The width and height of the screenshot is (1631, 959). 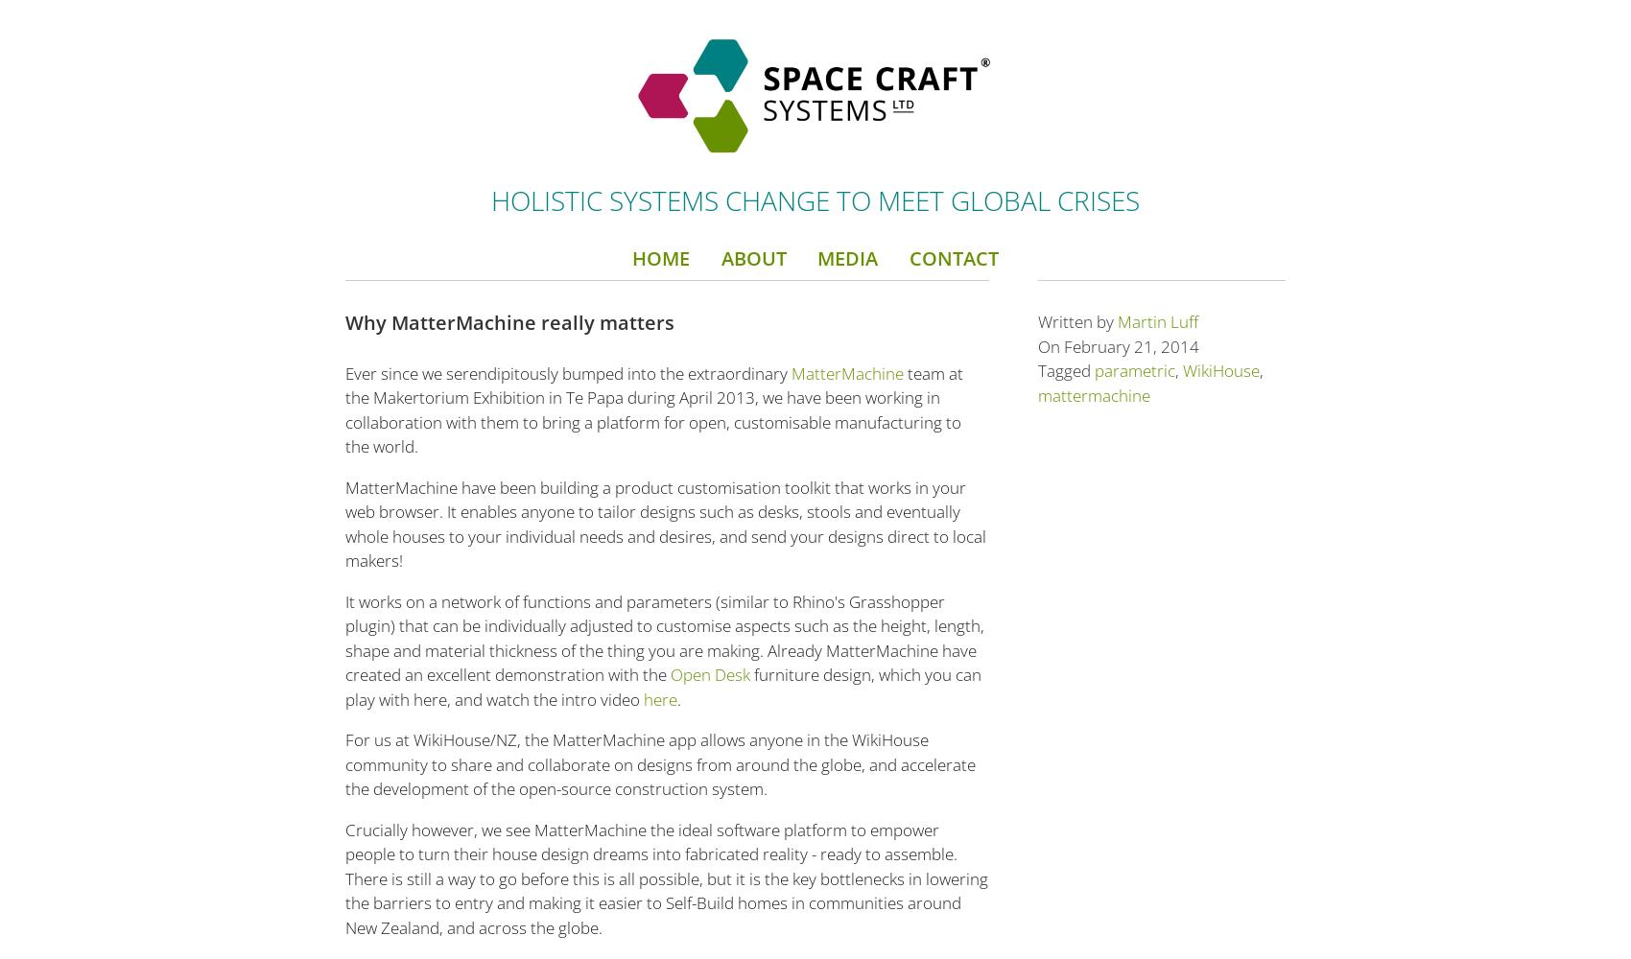 I want to click on 'MEDIA', so click(x=847, y=258).